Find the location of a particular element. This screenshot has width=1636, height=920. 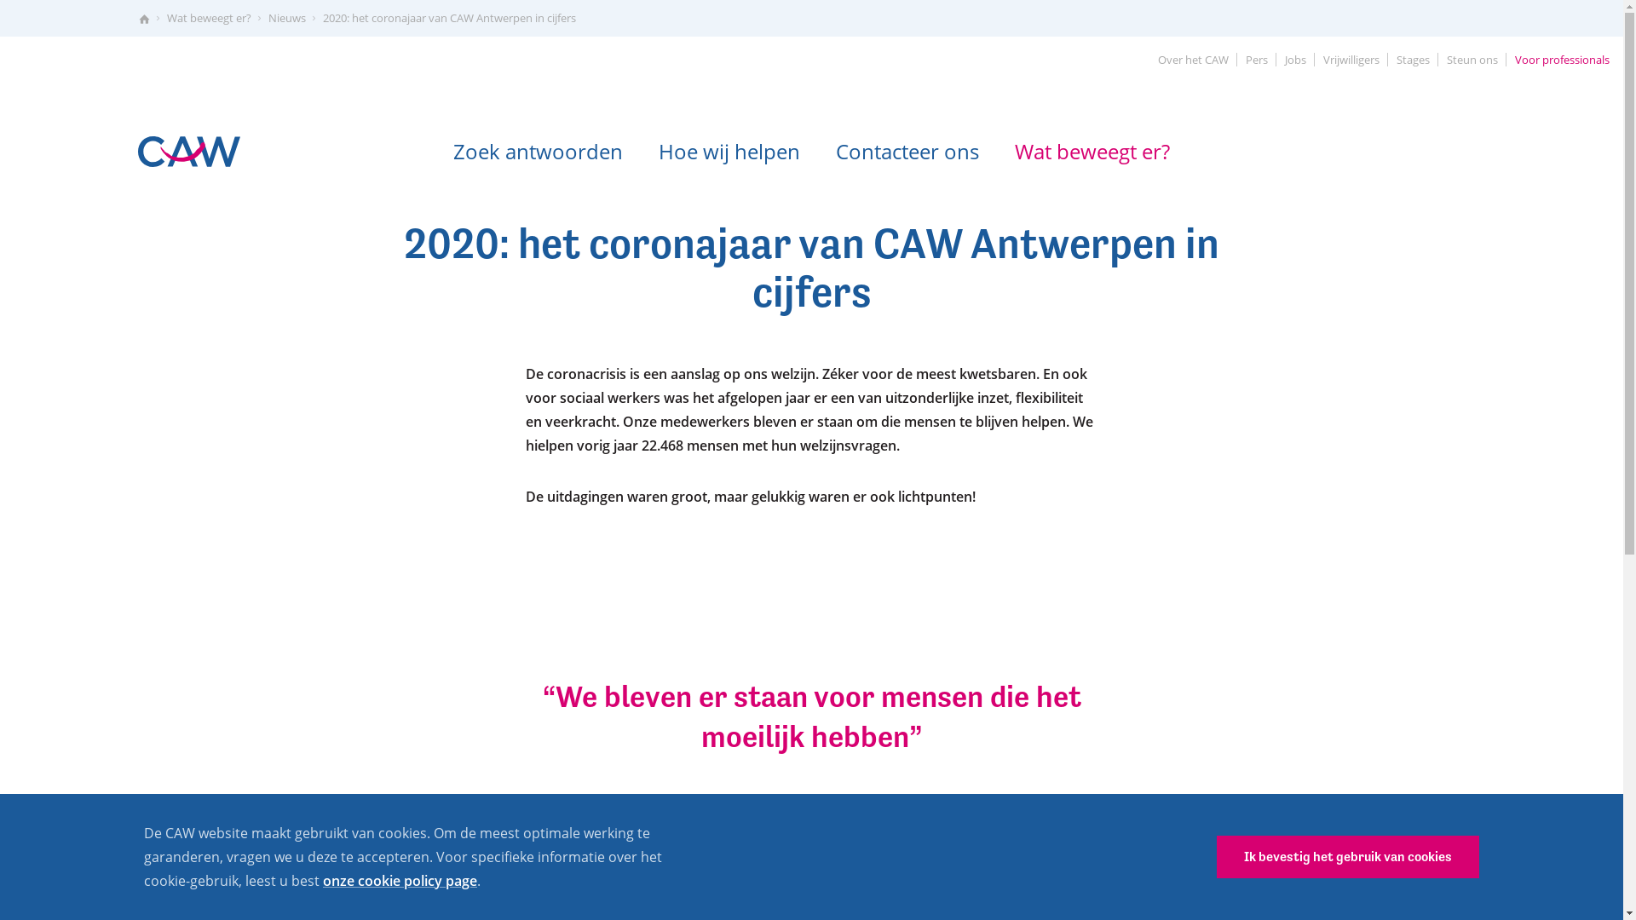

'Zoek antwoorden' is located at coordinates (437, 150).